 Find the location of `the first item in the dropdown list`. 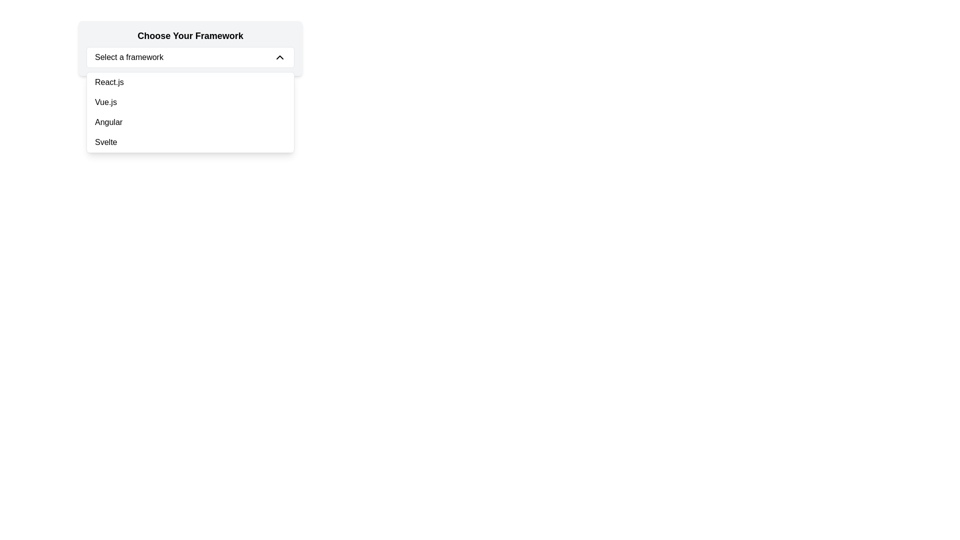

the first item in the dropdown list is located at coordinates (190, 82).